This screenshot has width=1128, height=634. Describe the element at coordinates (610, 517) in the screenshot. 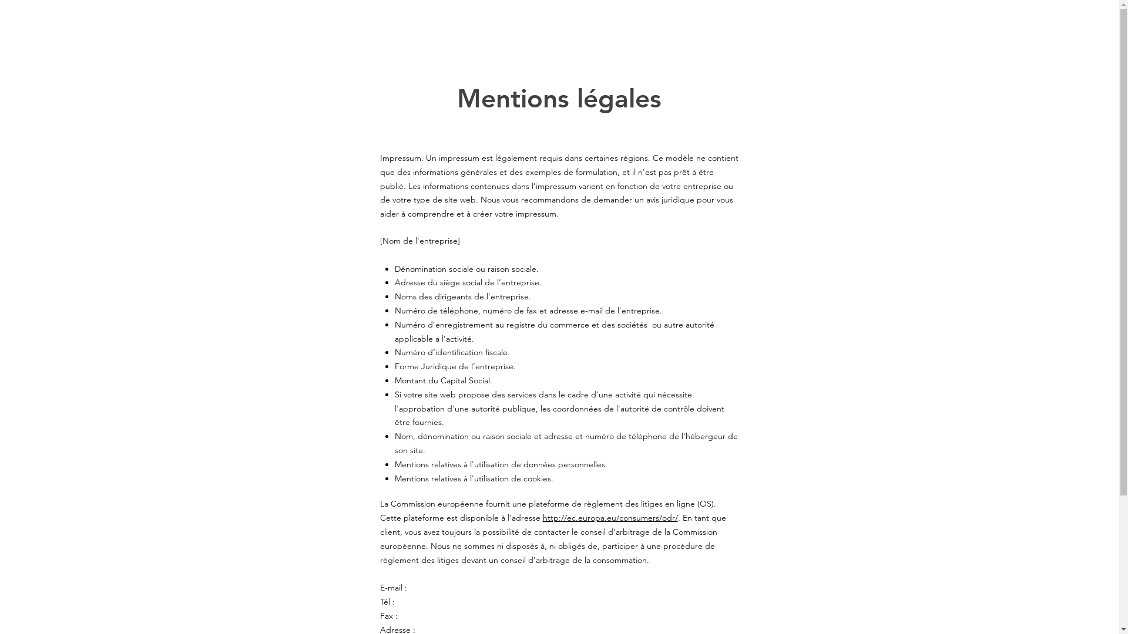

I see `'http://ec.europa.eu/consumers/odr/'` at that location.